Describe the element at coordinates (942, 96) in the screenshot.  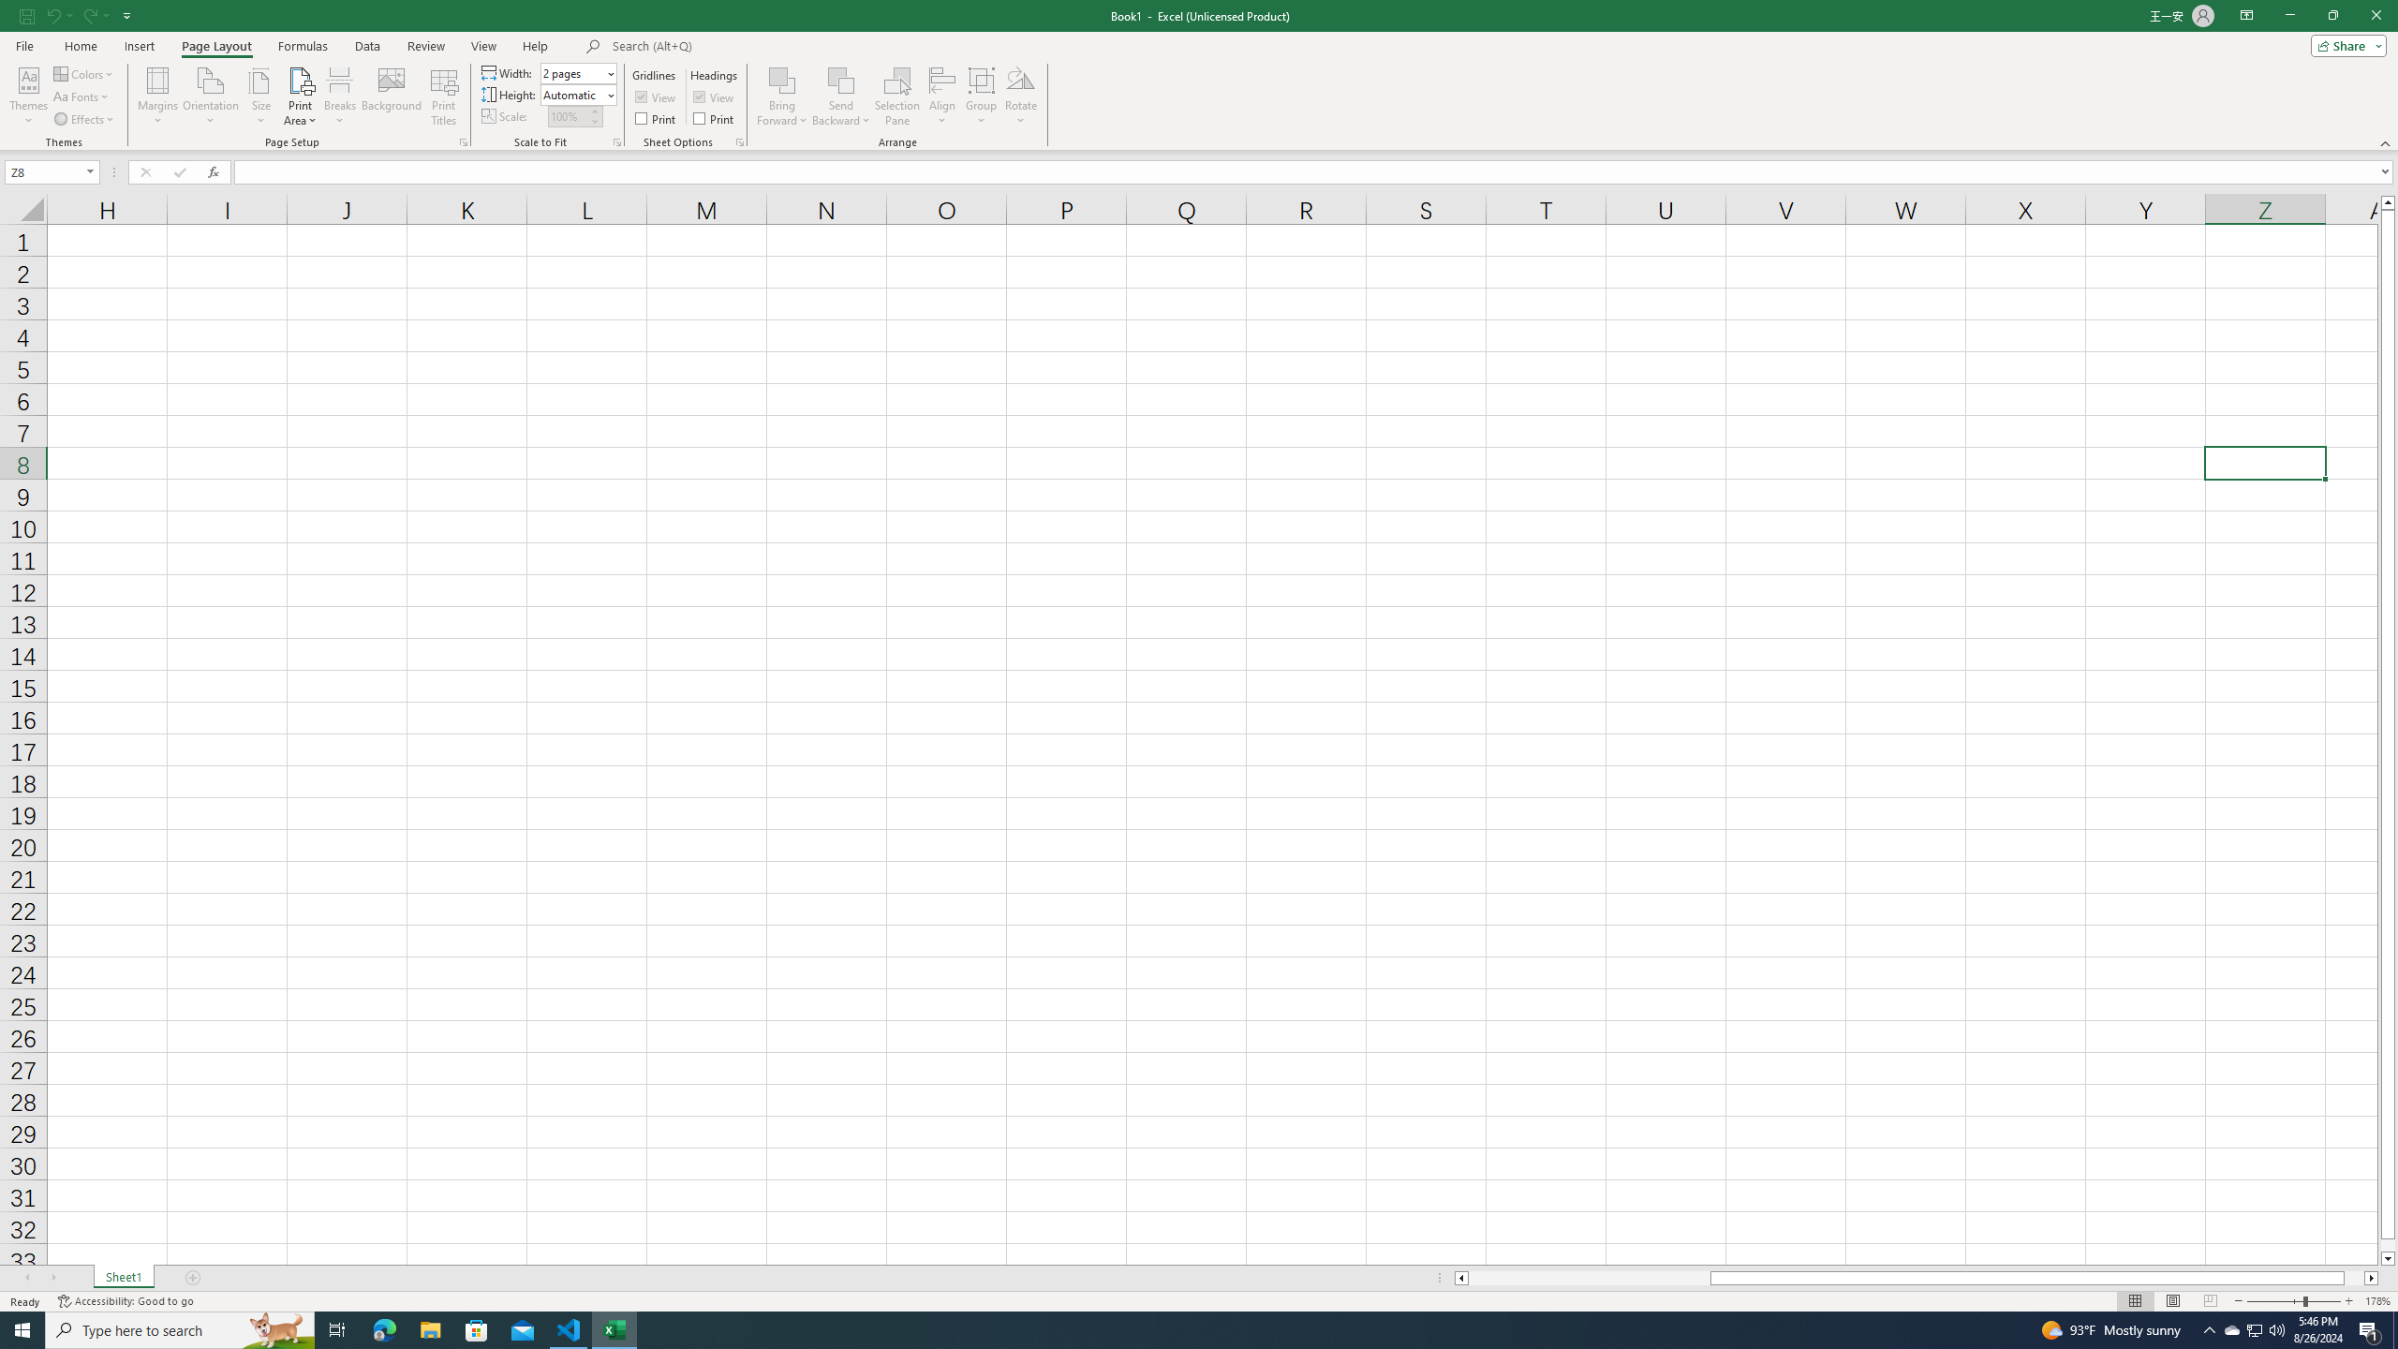
I see `'Align'` at that location.